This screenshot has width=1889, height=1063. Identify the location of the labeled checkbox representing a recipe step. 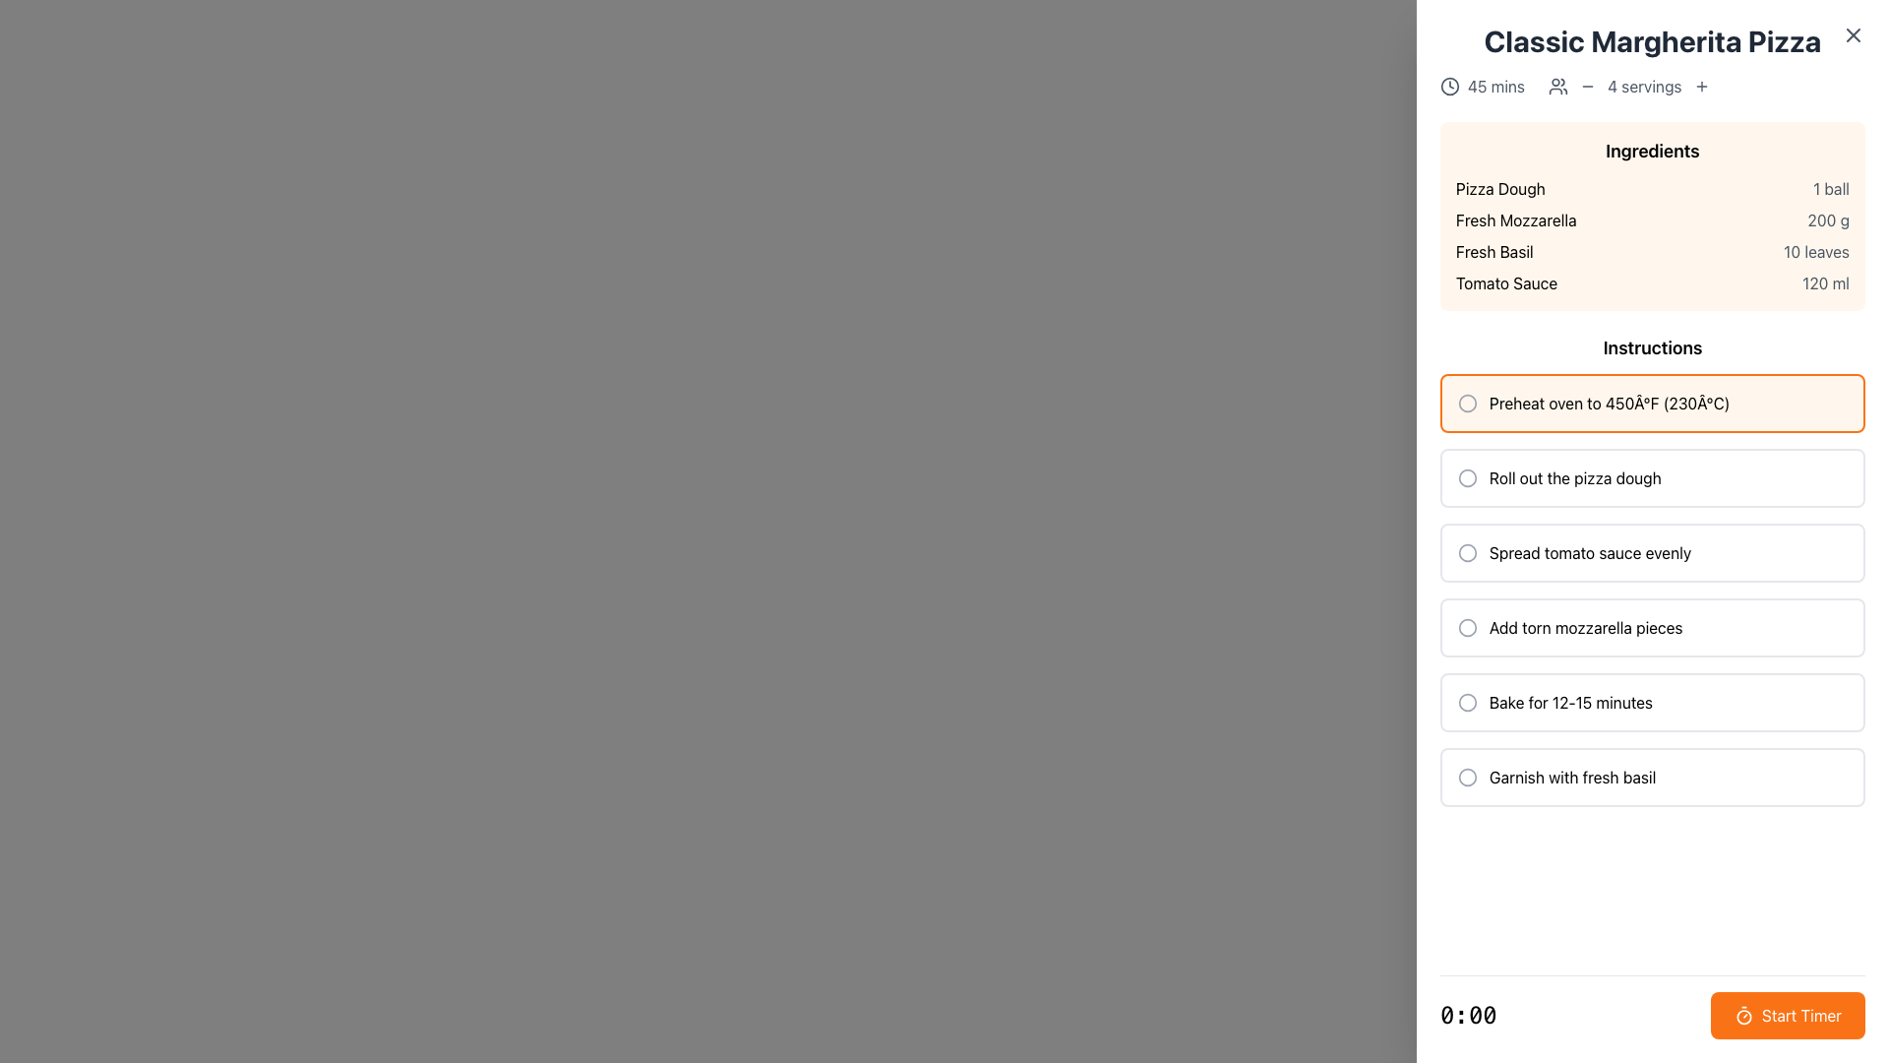
(1653, 777).